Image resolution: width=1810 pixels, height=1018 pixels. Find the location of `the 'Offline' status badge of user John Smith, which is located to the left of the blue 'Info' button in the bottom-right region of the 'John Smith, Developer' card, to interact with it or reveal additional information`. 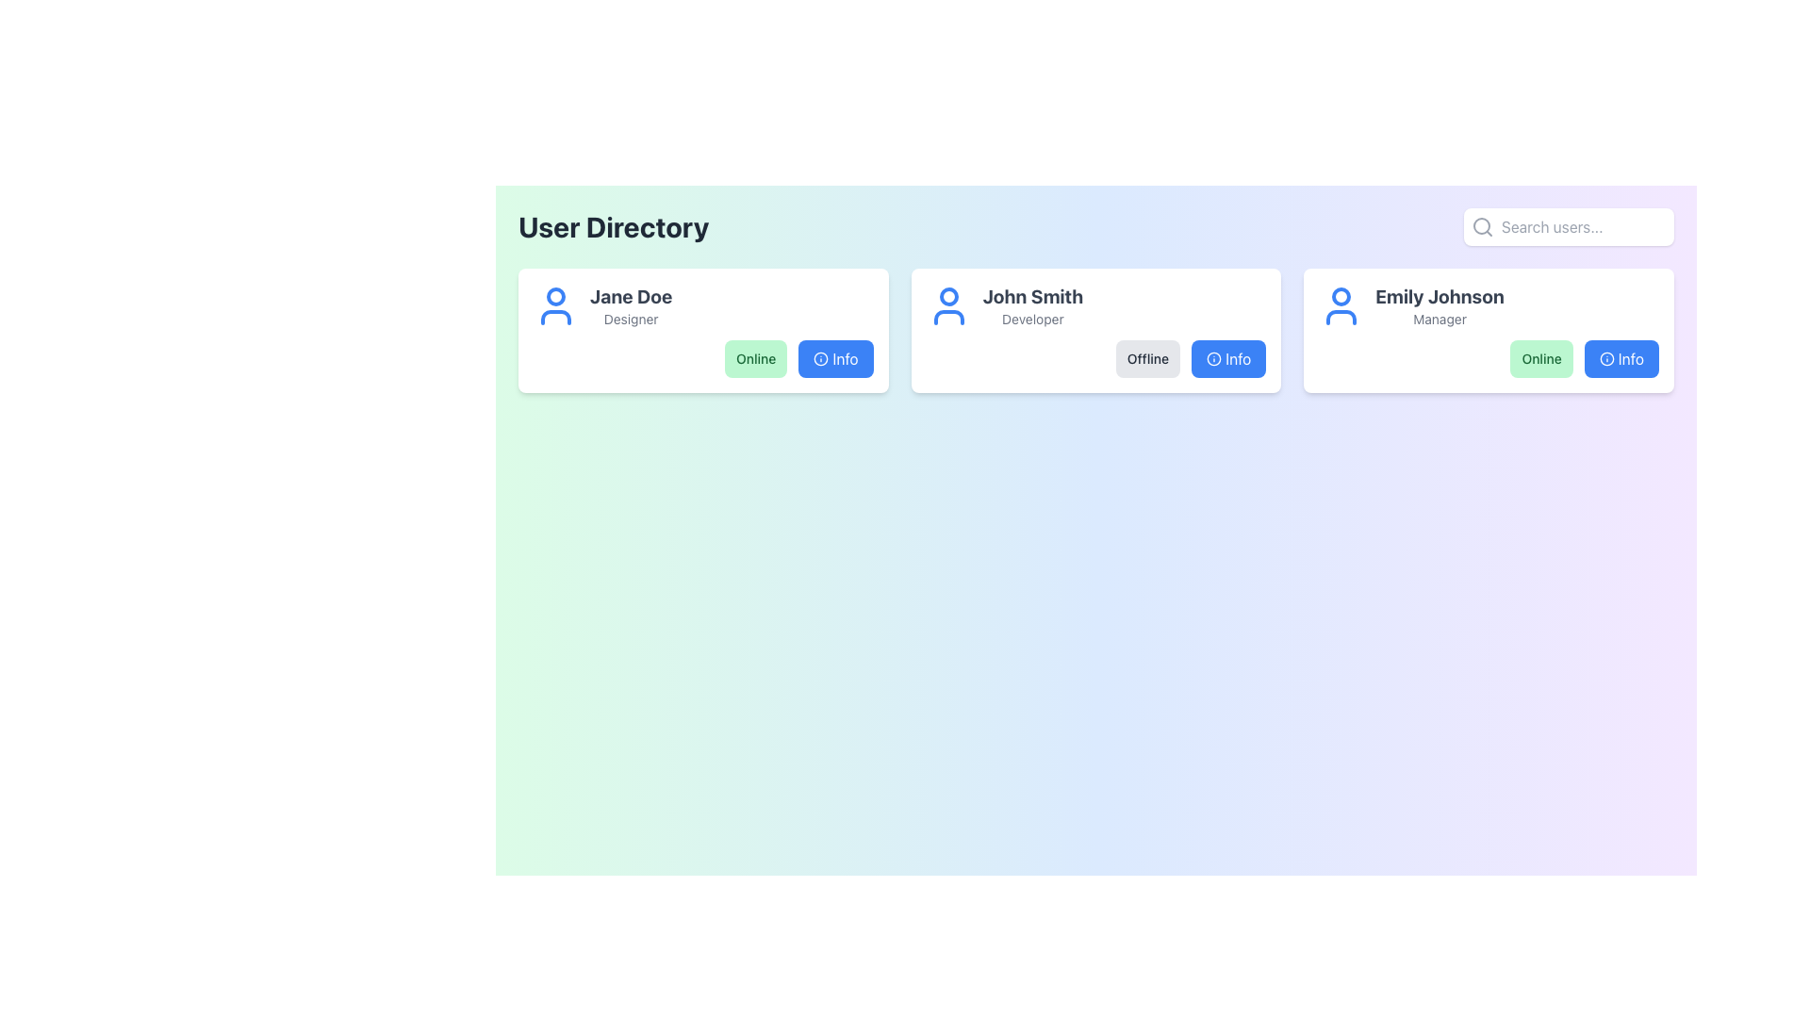

the 'Offline' status badge of user John Smith, which is located to the left of the blue 'Info' button in the bottom-right region of the 'John Smith, Developer' card, to interact with it or reveal additional information is located at coordinates (1146, 359).